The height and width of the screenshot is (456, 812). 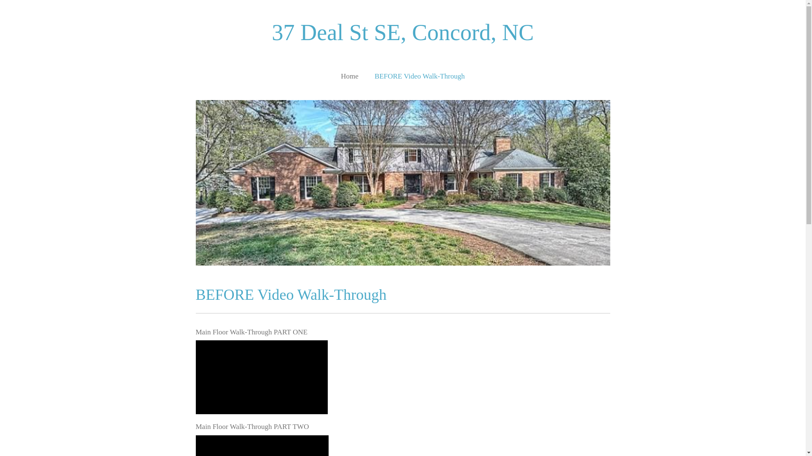 What do you see at coordinates (349, 76) in the screenshot?
I see `'Home'` at bounding box center [349, 76].